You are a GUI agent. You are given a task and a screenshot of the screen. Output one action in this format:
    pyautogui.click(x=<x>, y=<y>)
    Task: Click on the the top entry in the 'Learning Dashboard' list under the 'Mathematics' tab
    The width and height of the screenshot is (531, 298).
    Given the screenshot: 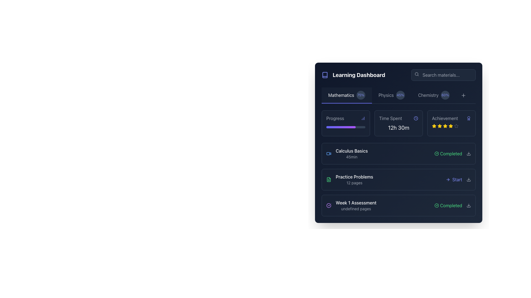 What is the action you would take?
    pyautogui.click(x=352, y=153)
    